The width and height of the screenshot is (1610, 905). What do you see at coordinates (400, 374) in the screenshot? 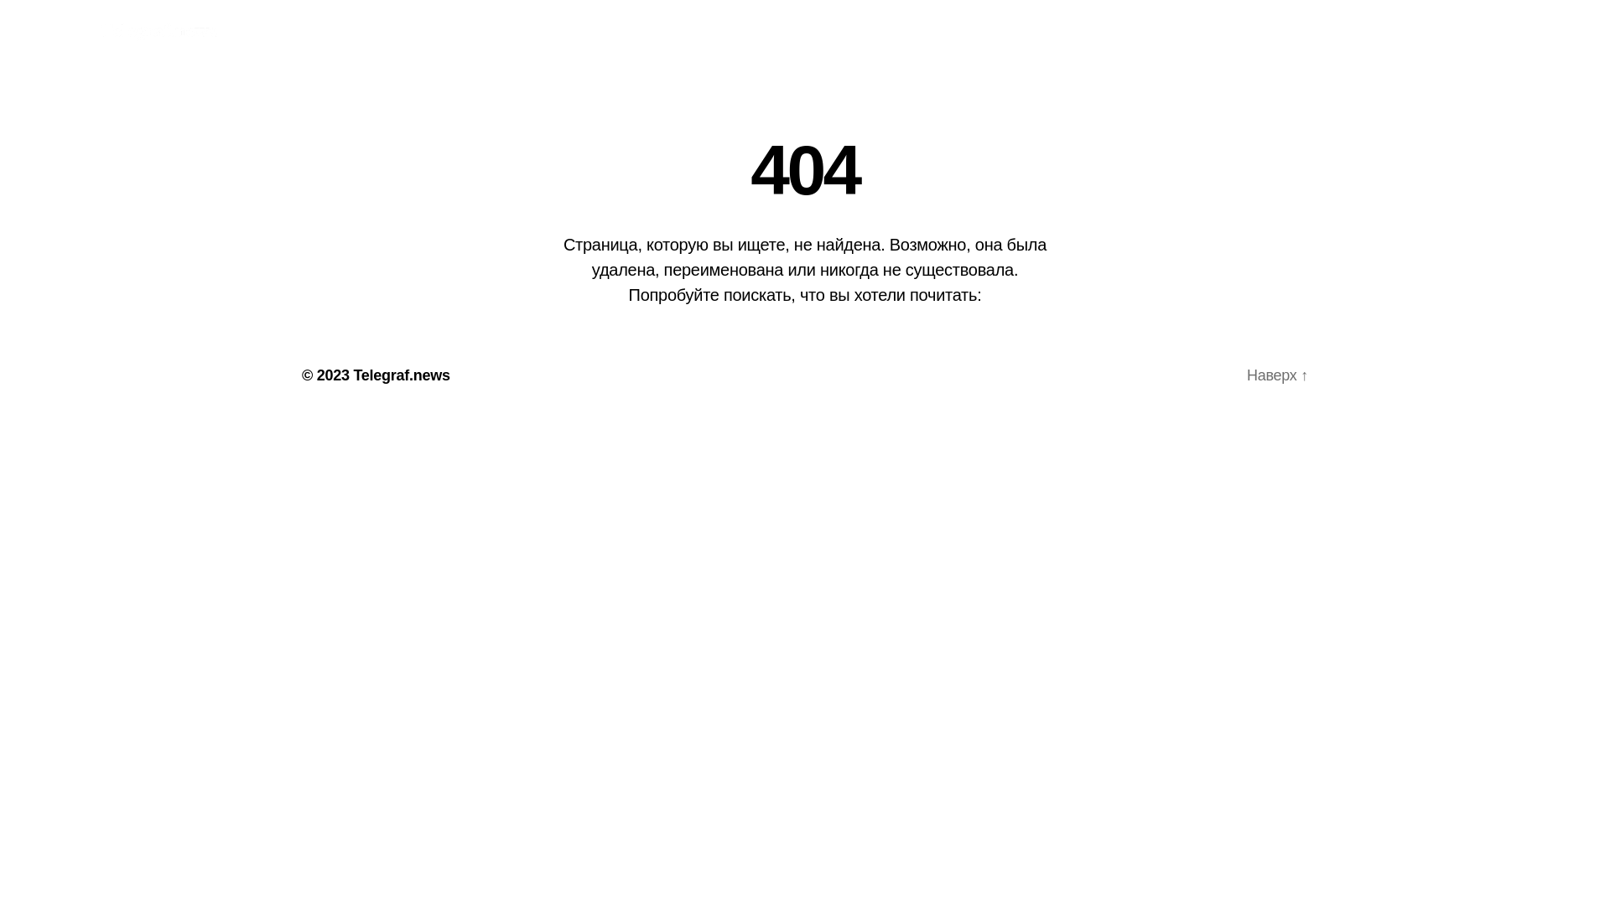
I see `'Telegraf.news'` at bounding box center [400, 374].